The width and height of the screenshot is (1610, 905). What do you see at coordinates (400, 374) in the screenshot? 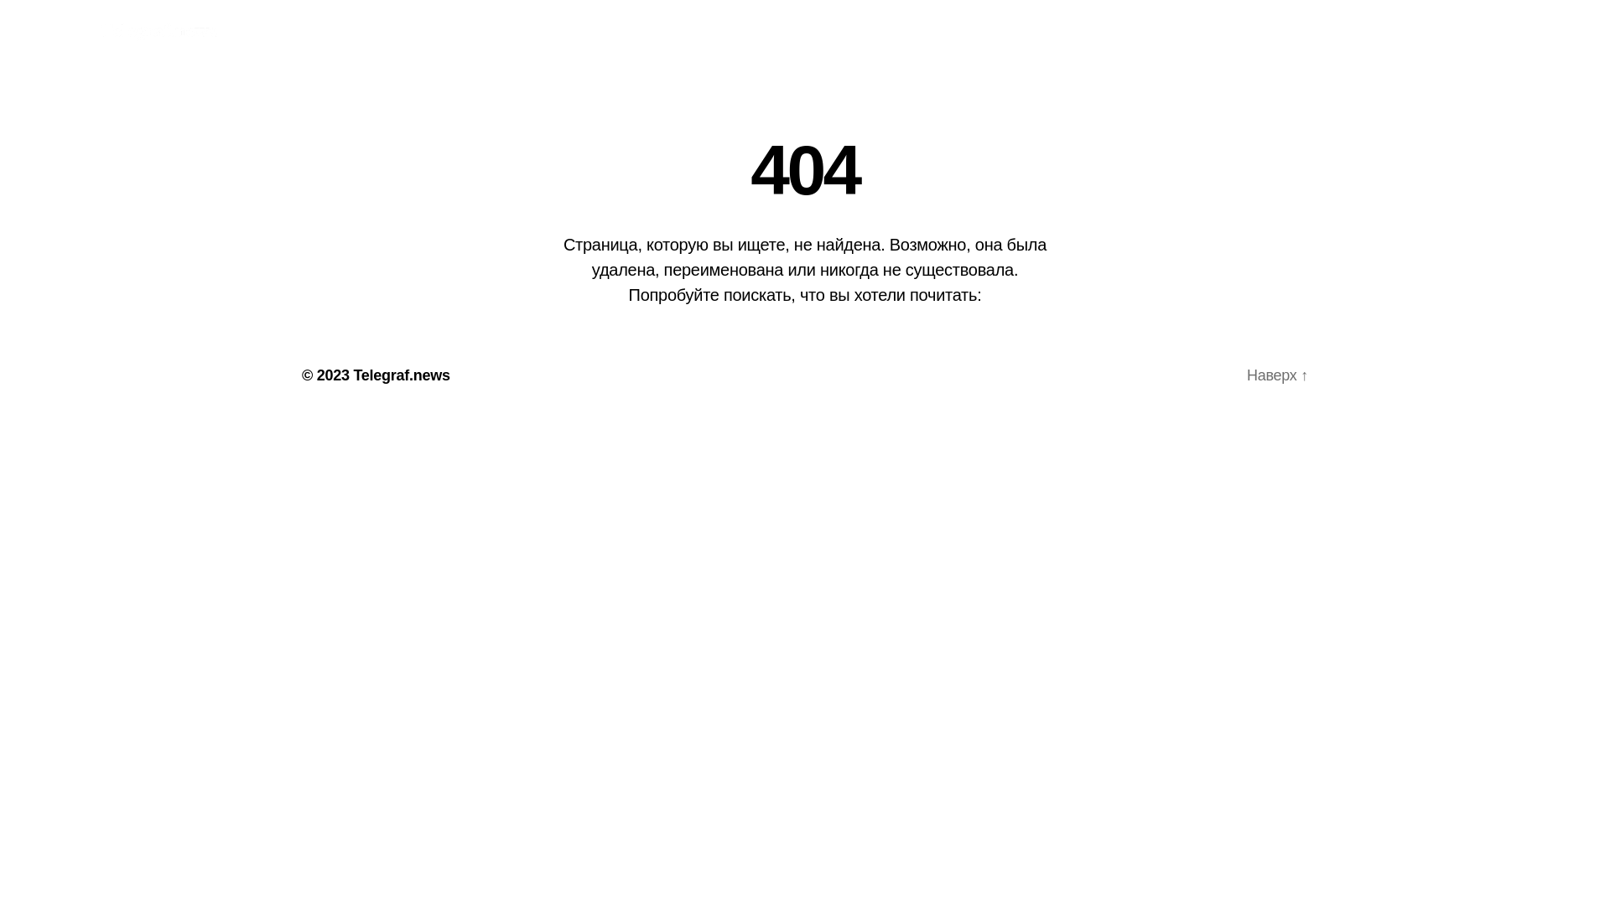
I see `'Telegraf.news'` at bounding box center [400, 374].